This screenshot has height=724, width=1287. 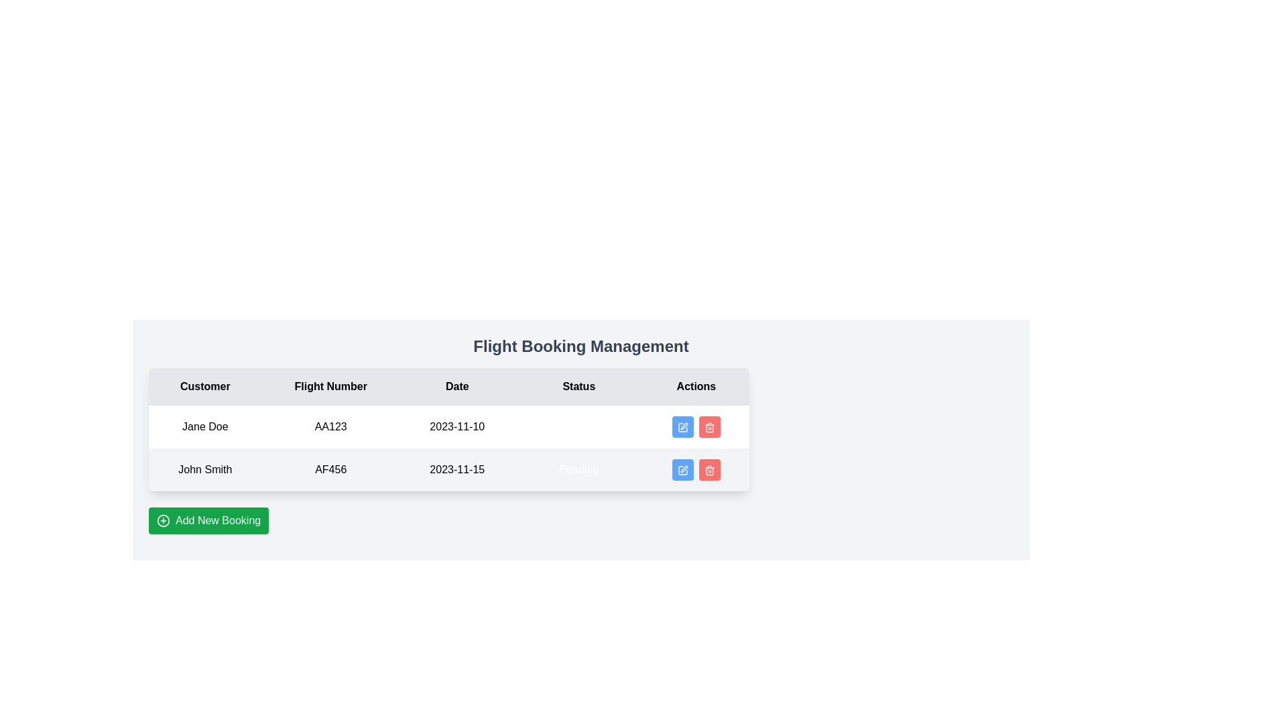 I want to click on the red-colored button with a trash can icon in the last column of the 'Actions' for the second row of the flight booking management table, so click(x=709, y=469).